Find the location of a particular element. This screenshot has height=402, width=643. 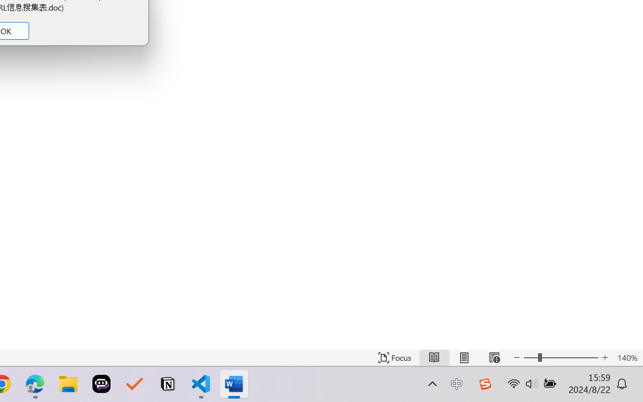

'Web Layout' is located at coordinates (494, 357).